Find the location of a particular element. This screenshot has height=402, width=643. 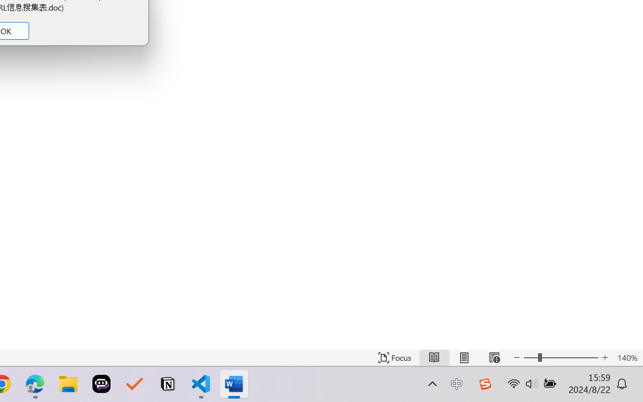

'Web Layout' is located at coordinates (494, 357).